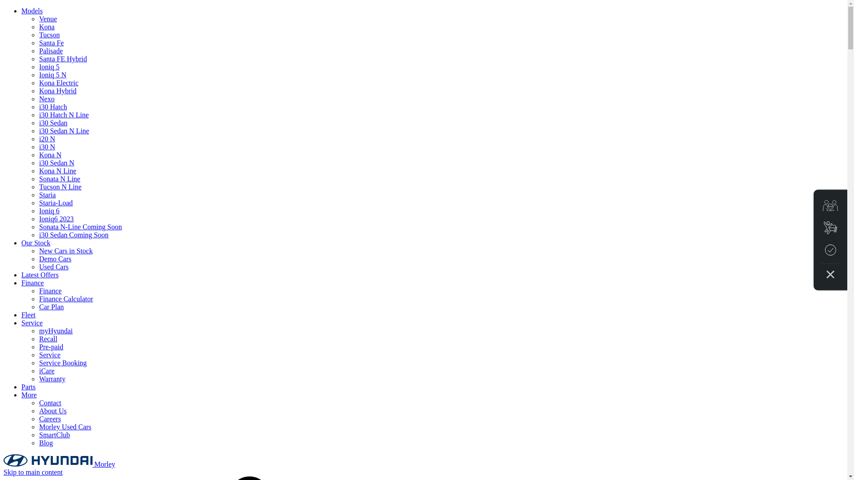  I want to click on 'Ioniq 6', so click(48, 211).